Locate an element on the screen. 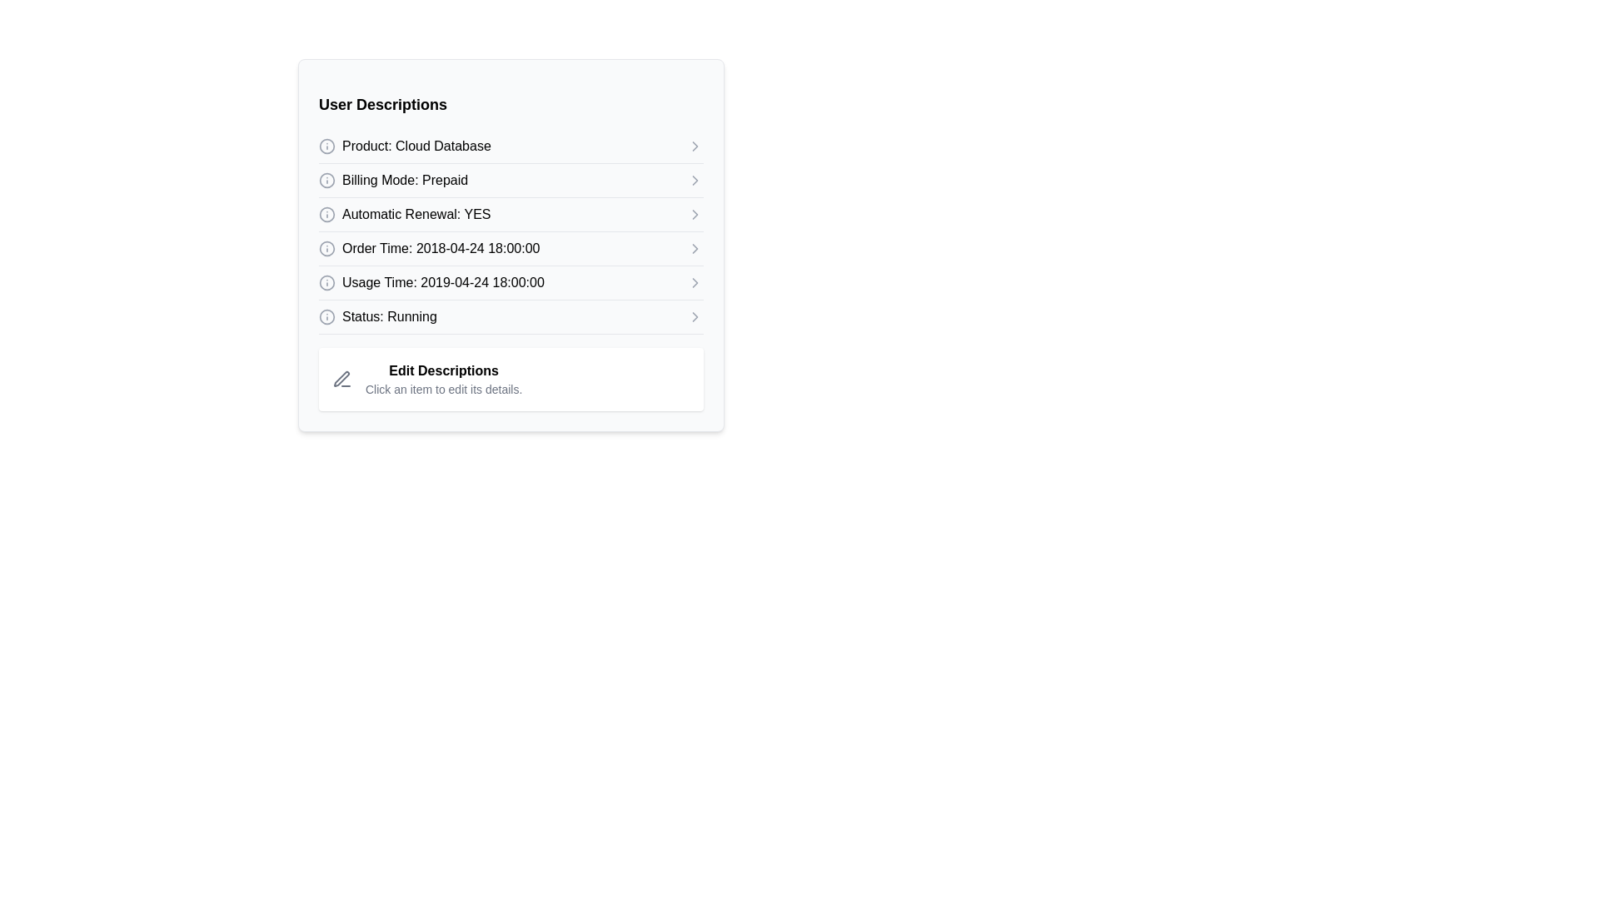  the 'Billing Mode: Prepaid' element is located at coordinates (511, 181).